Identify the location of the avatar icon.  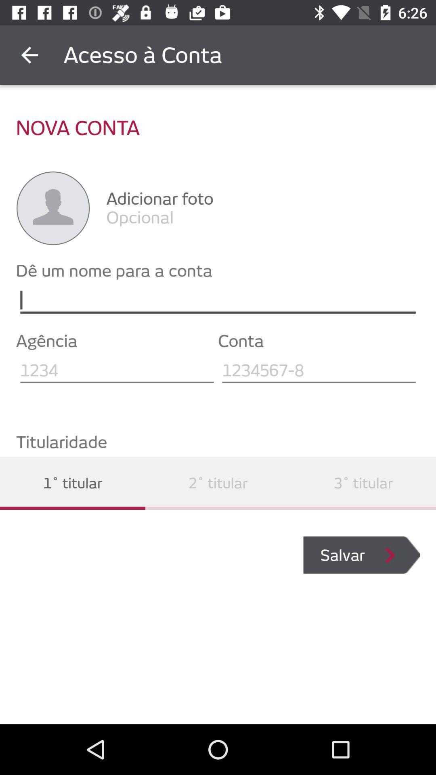
(53, 208).